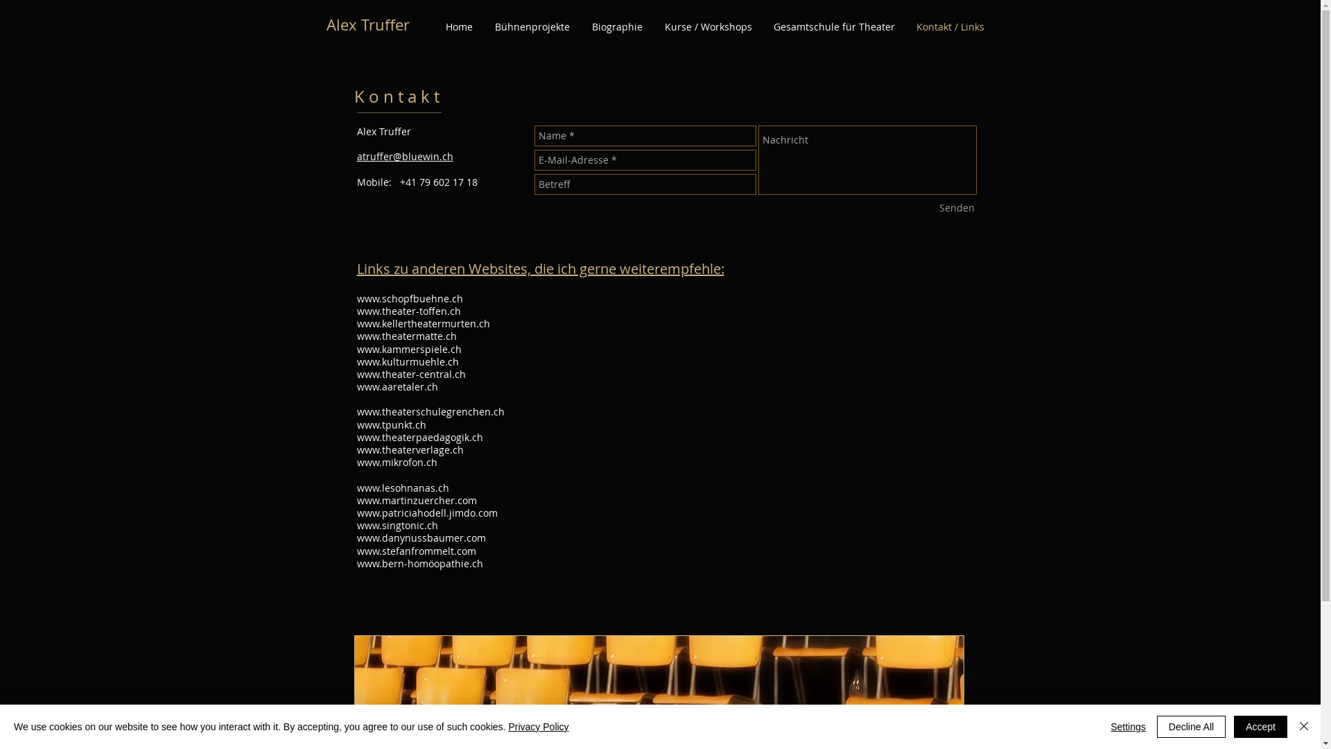  What do you see at coordinates (419, 537) in the screenshot?
I see `'www.danynussbaumer.com'` at bounding box center [419, 537].